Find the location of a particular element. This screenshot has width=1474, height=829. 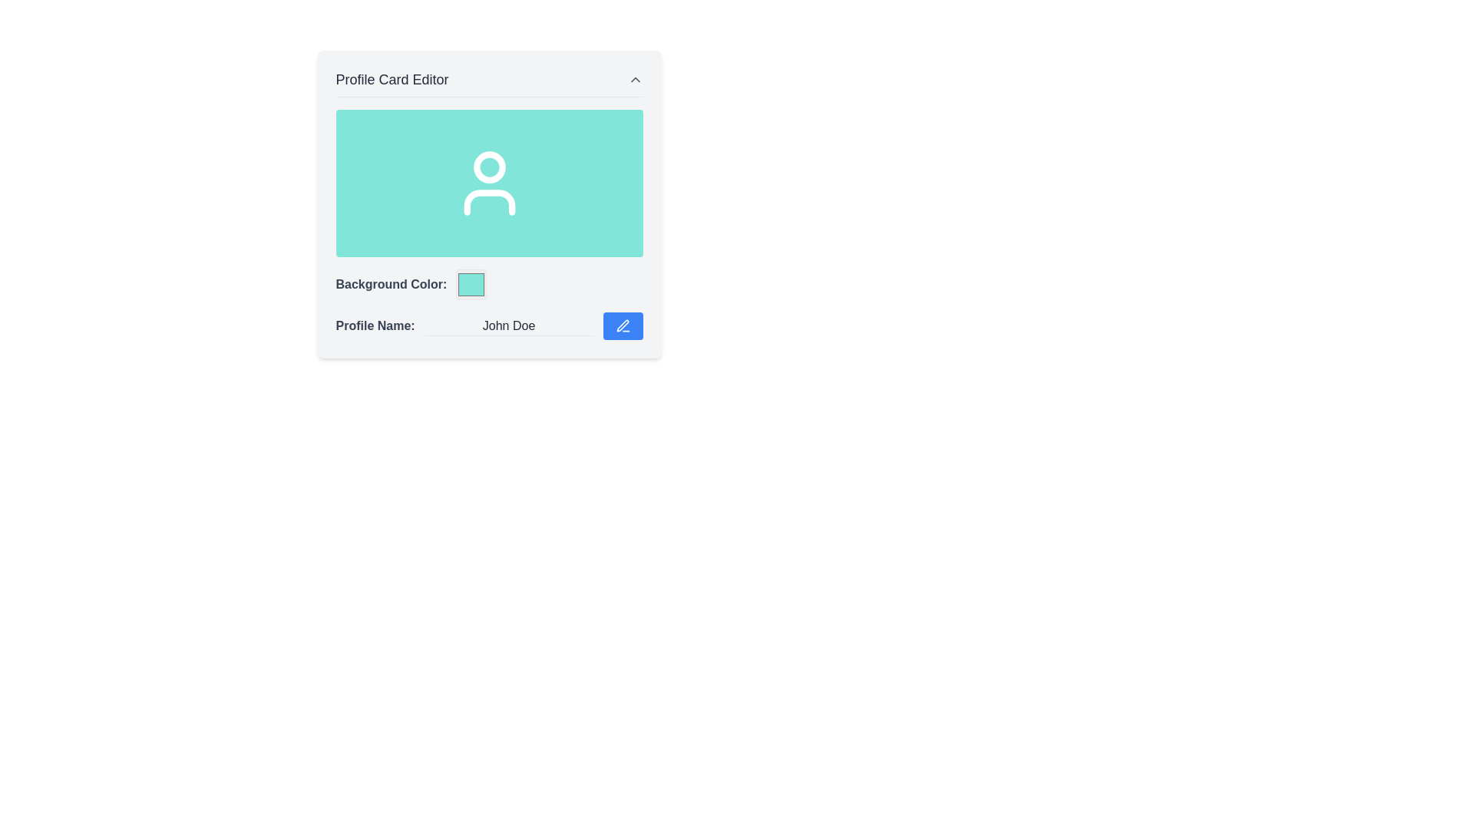

the 'Background Color:' text label, which is bold and gray, located in the 'Profile Card Editor' section is located at coordinates (391, 284).